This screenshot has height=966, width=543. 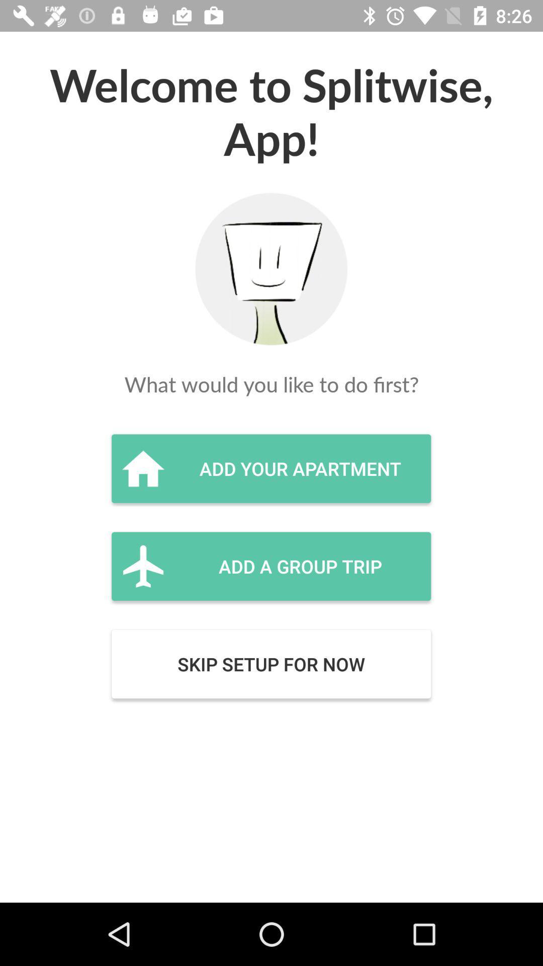 I want to click on the add a group icon, so click(x=270, y=566).